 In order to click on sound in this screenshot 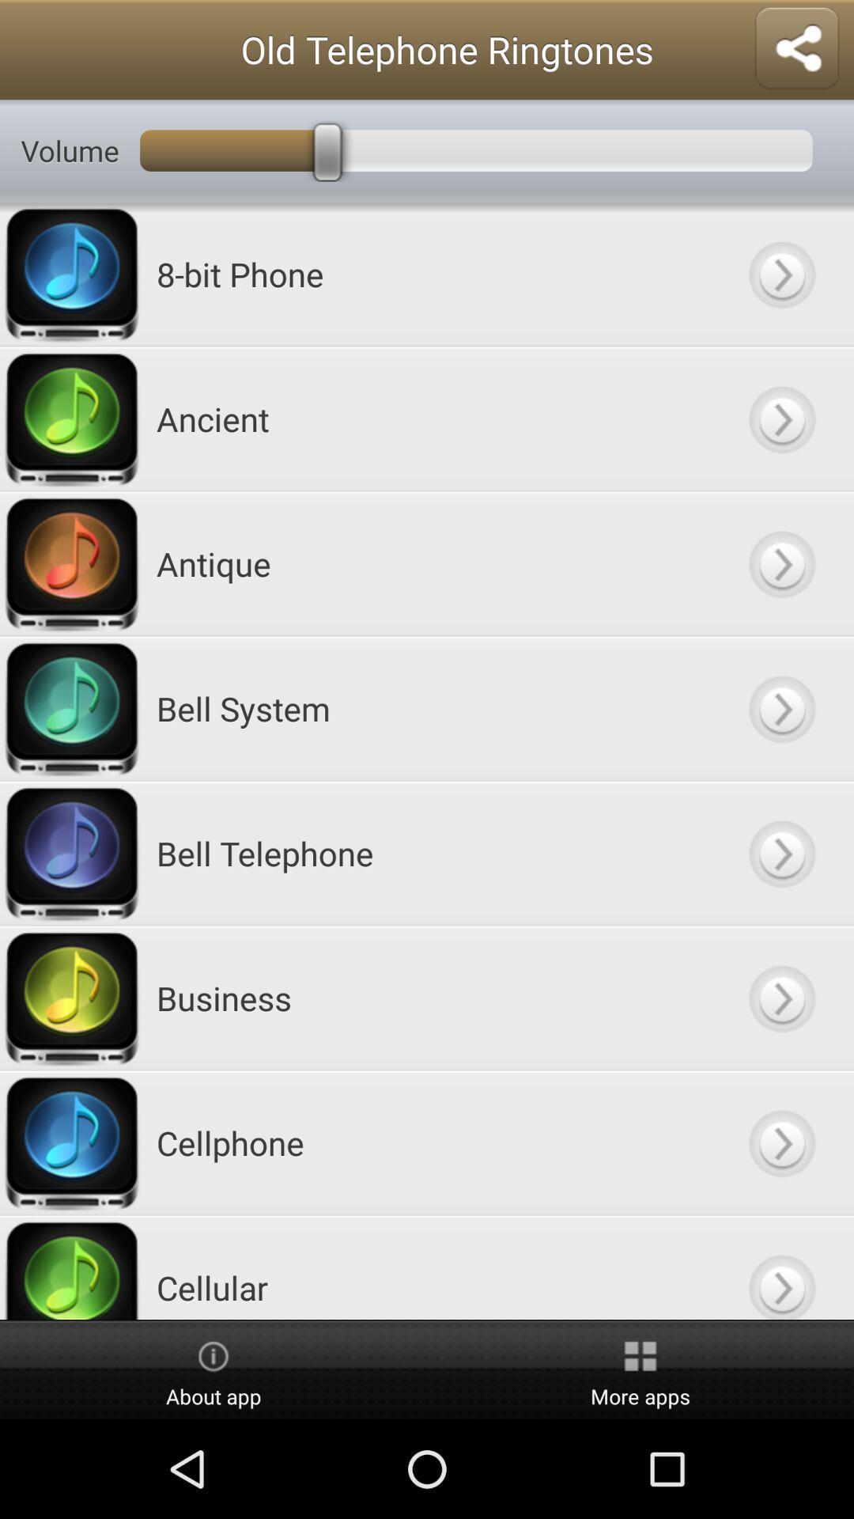, I will do `click(780, 419)`.